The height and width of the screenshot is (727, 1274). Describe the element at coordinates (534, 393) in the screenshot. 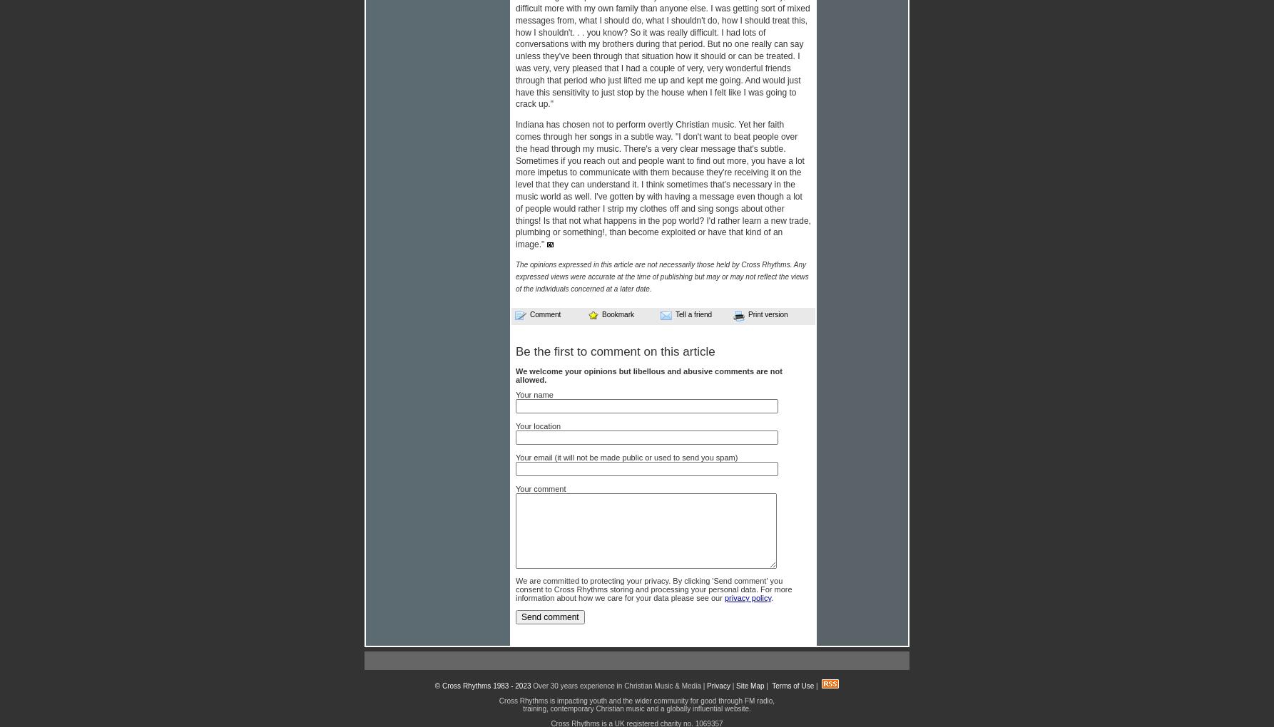

I see `'Your name'` at that location.